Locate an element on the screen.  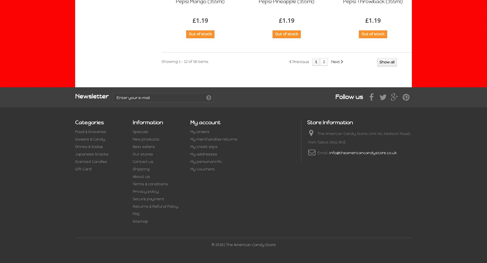
'New products' is located at coordinates (146, 139).